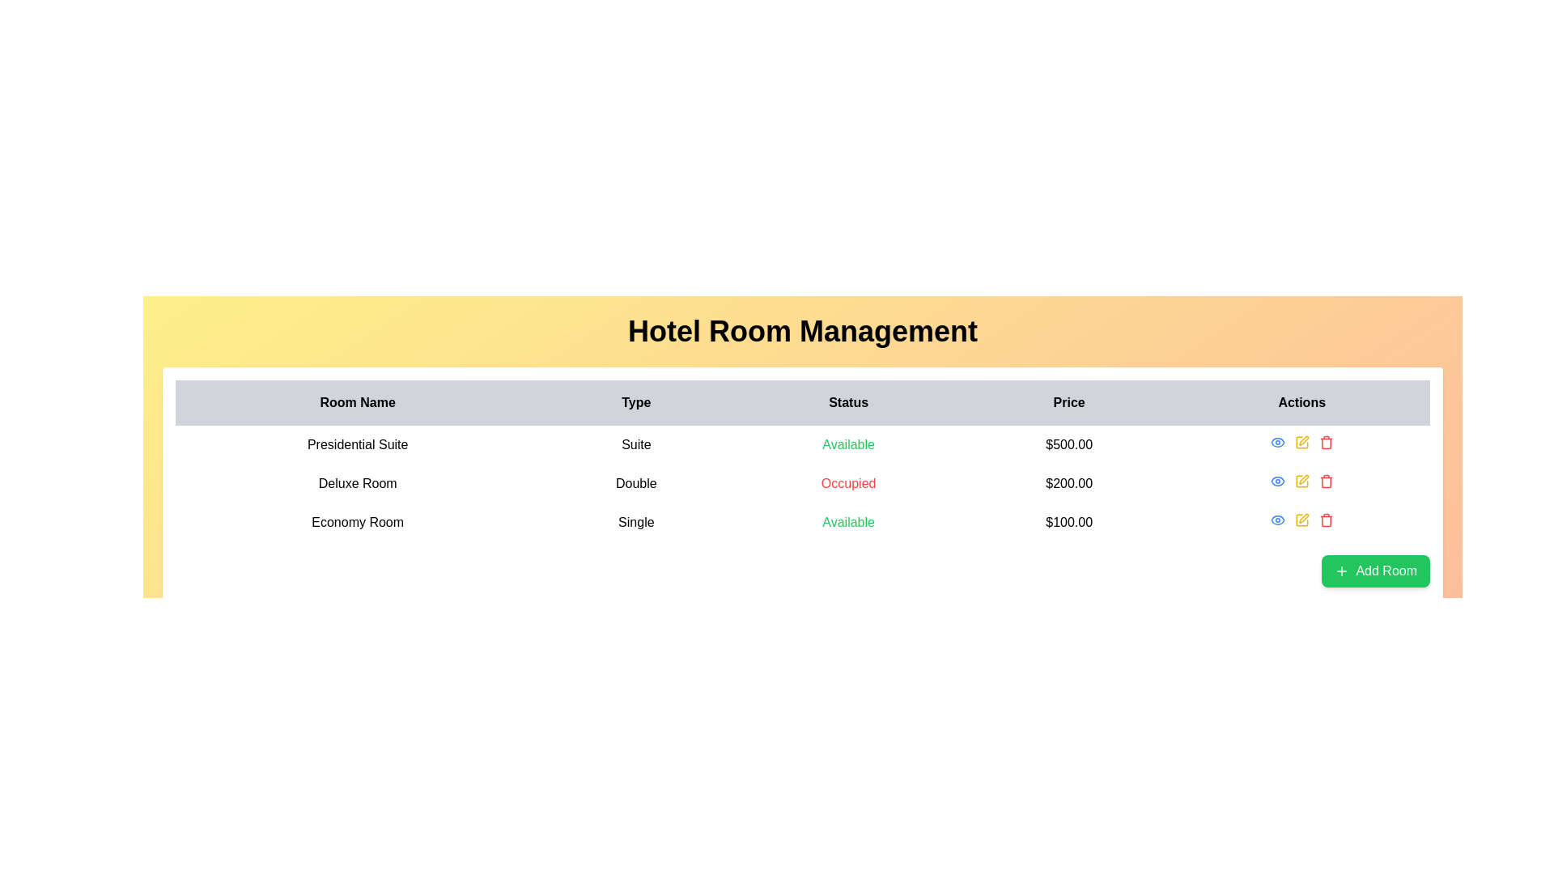  Describe the element at coordinates (1301, 480) in the screenshot. I see `the pencil icon button in the Actions column of the second row` at that location.